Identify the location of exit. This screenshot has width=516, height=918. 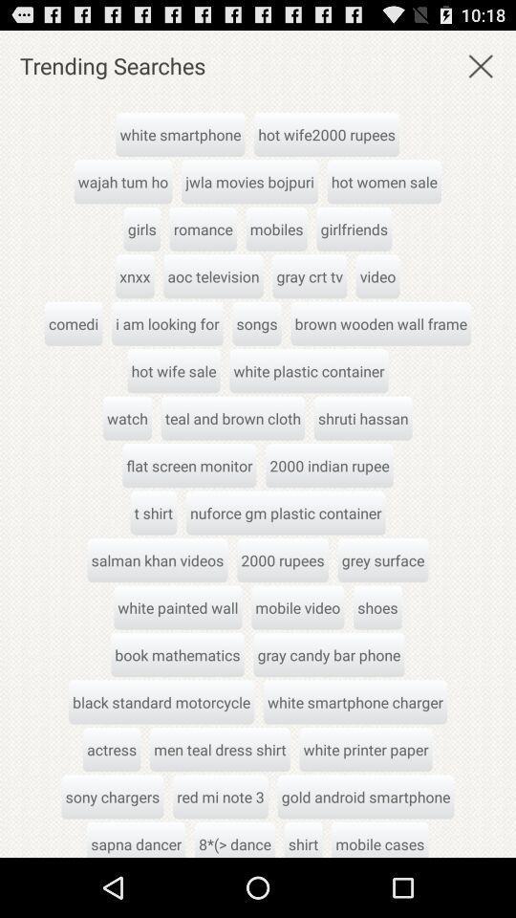
(480, 65).